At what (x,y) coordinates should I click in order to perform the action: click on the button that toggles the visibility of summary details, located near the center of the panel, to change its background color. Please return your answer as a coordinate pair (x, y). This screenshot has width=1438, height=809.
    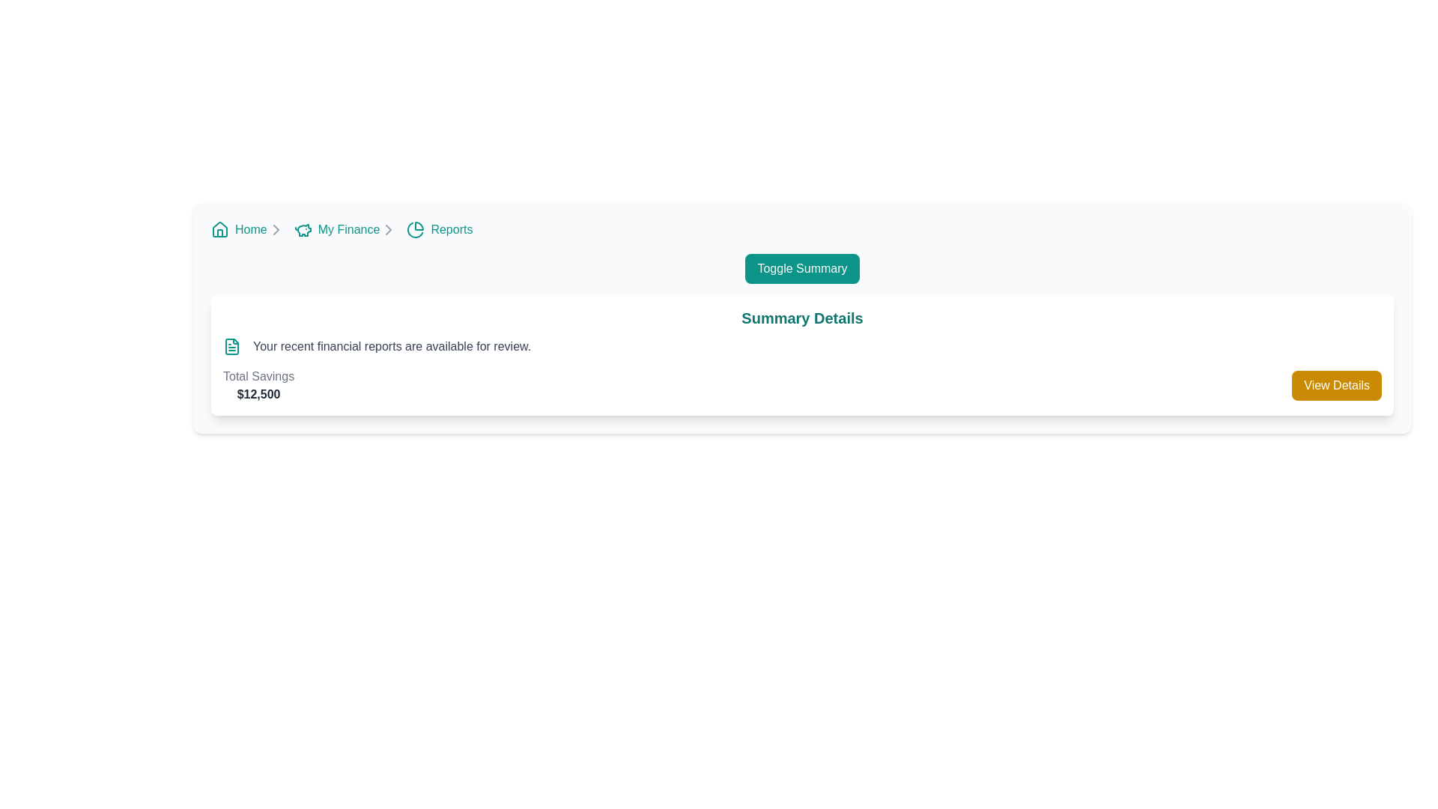
    Looking at the image, I should click on (801, 267).